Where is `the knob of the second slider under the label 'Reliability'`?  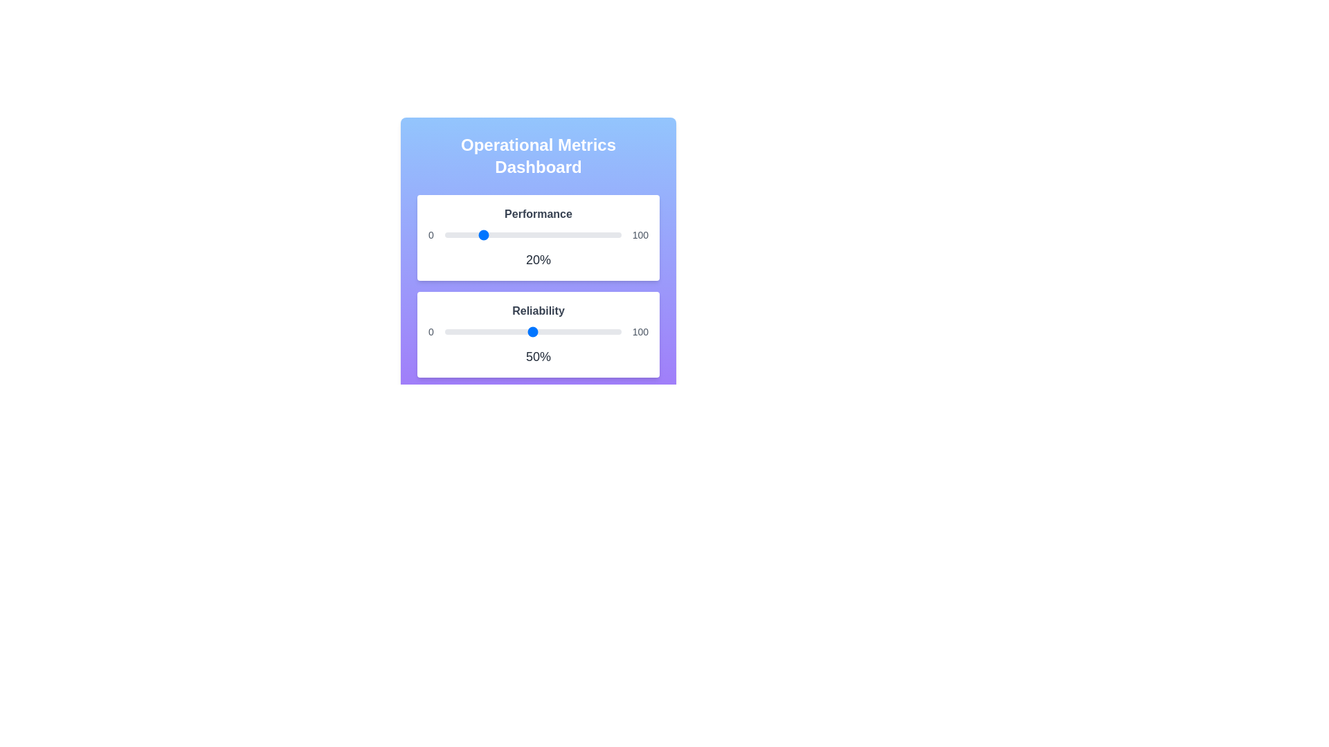
the knob of the second slider under the label 'Reliability' is located at coordinates (532, 331).